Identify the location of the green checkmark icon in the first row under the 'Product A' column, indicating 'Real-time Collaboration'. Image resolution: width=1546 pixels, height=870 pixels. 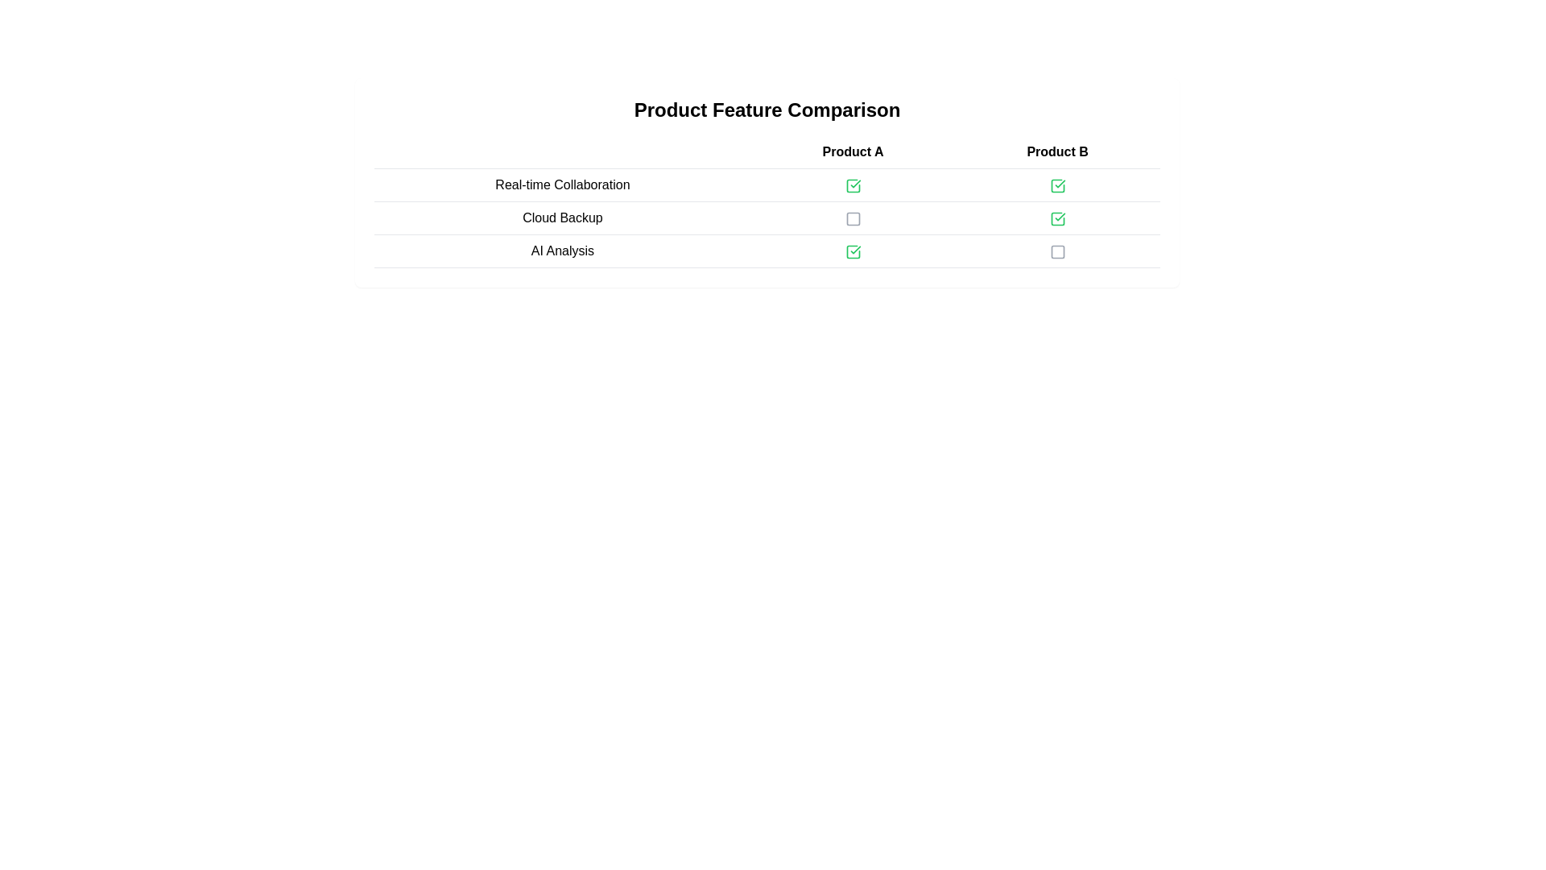
(852, 184).